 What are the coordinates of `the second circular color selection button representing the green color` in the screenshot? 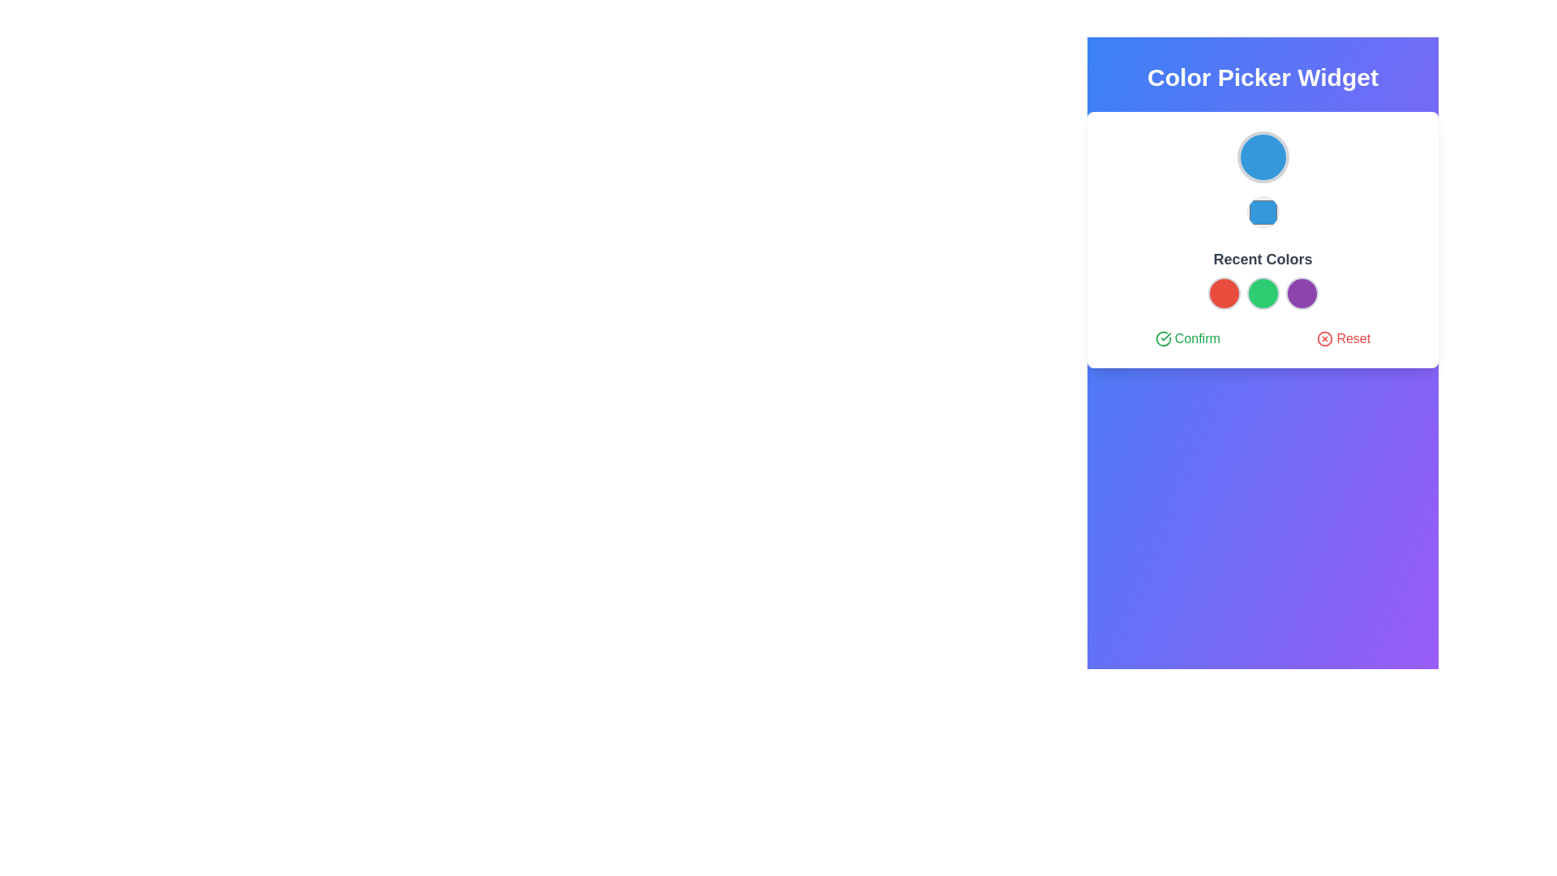 It's located at (1262, 294).